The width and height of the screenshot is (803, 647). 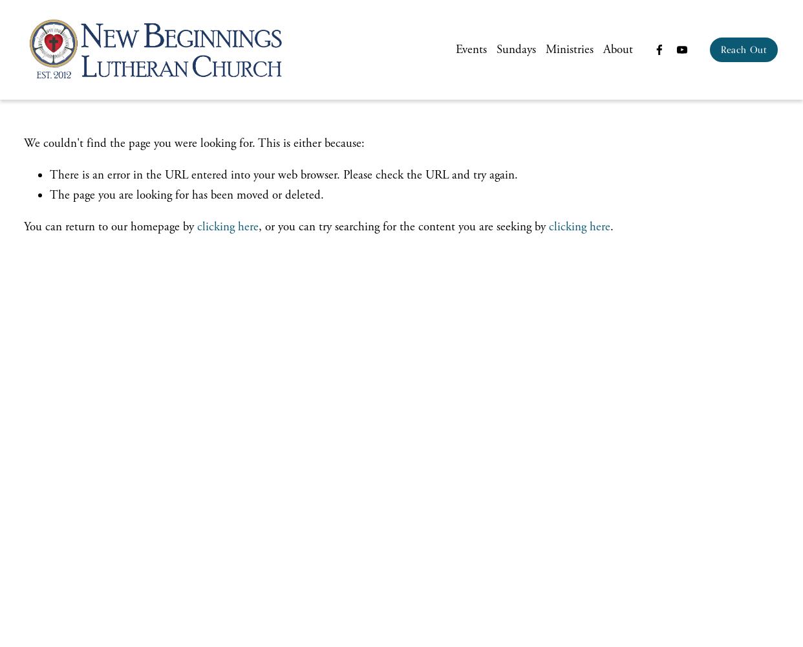 I want to click on 'Reach Out', so click(x=720, y=49).